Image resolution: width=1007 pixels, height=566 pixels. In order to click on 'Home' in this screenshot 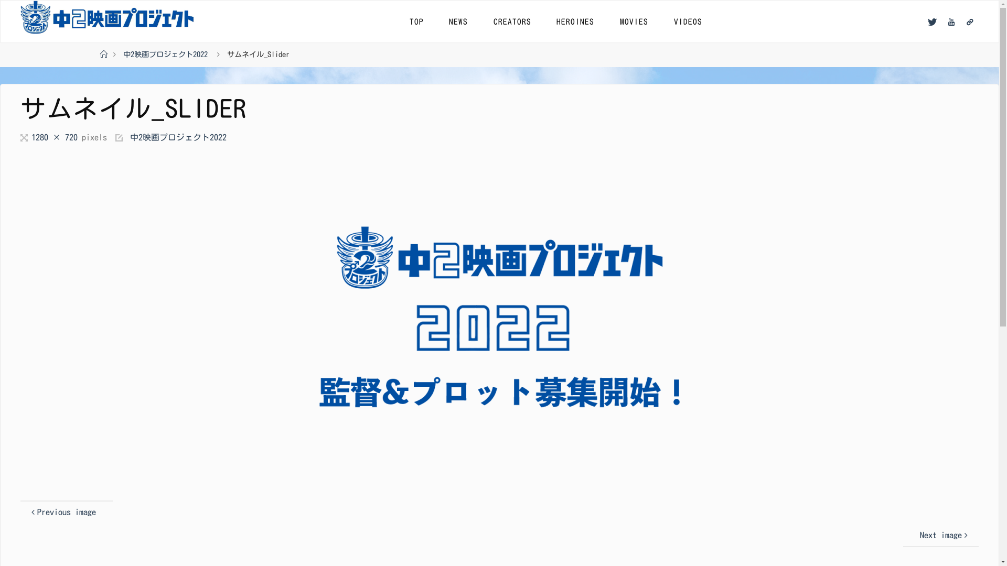, I will do `click(103, 54)`.